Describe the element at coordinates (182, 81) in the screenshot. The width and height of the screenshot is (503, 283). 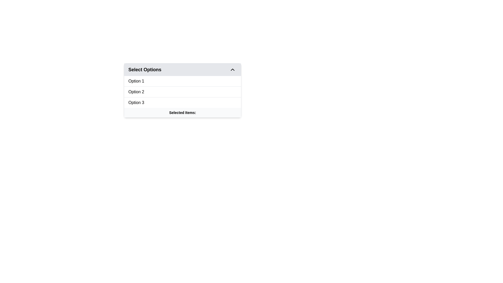
I see `the first option in the dropdown menu labeled 'Select Options'` at that location.